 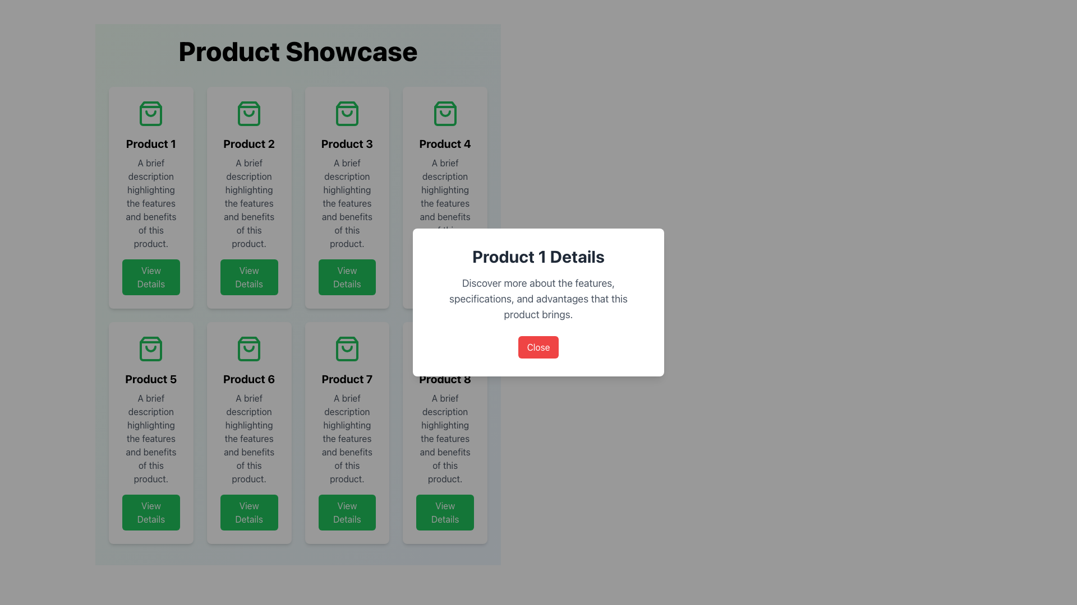 What do you see at coordinates (248, 348) in the screenshot?
I see `the handle of the shopping bag icon located within the 'Product 6' card in the product display interface to provide visual feedback` at bounding box center [248, 348].